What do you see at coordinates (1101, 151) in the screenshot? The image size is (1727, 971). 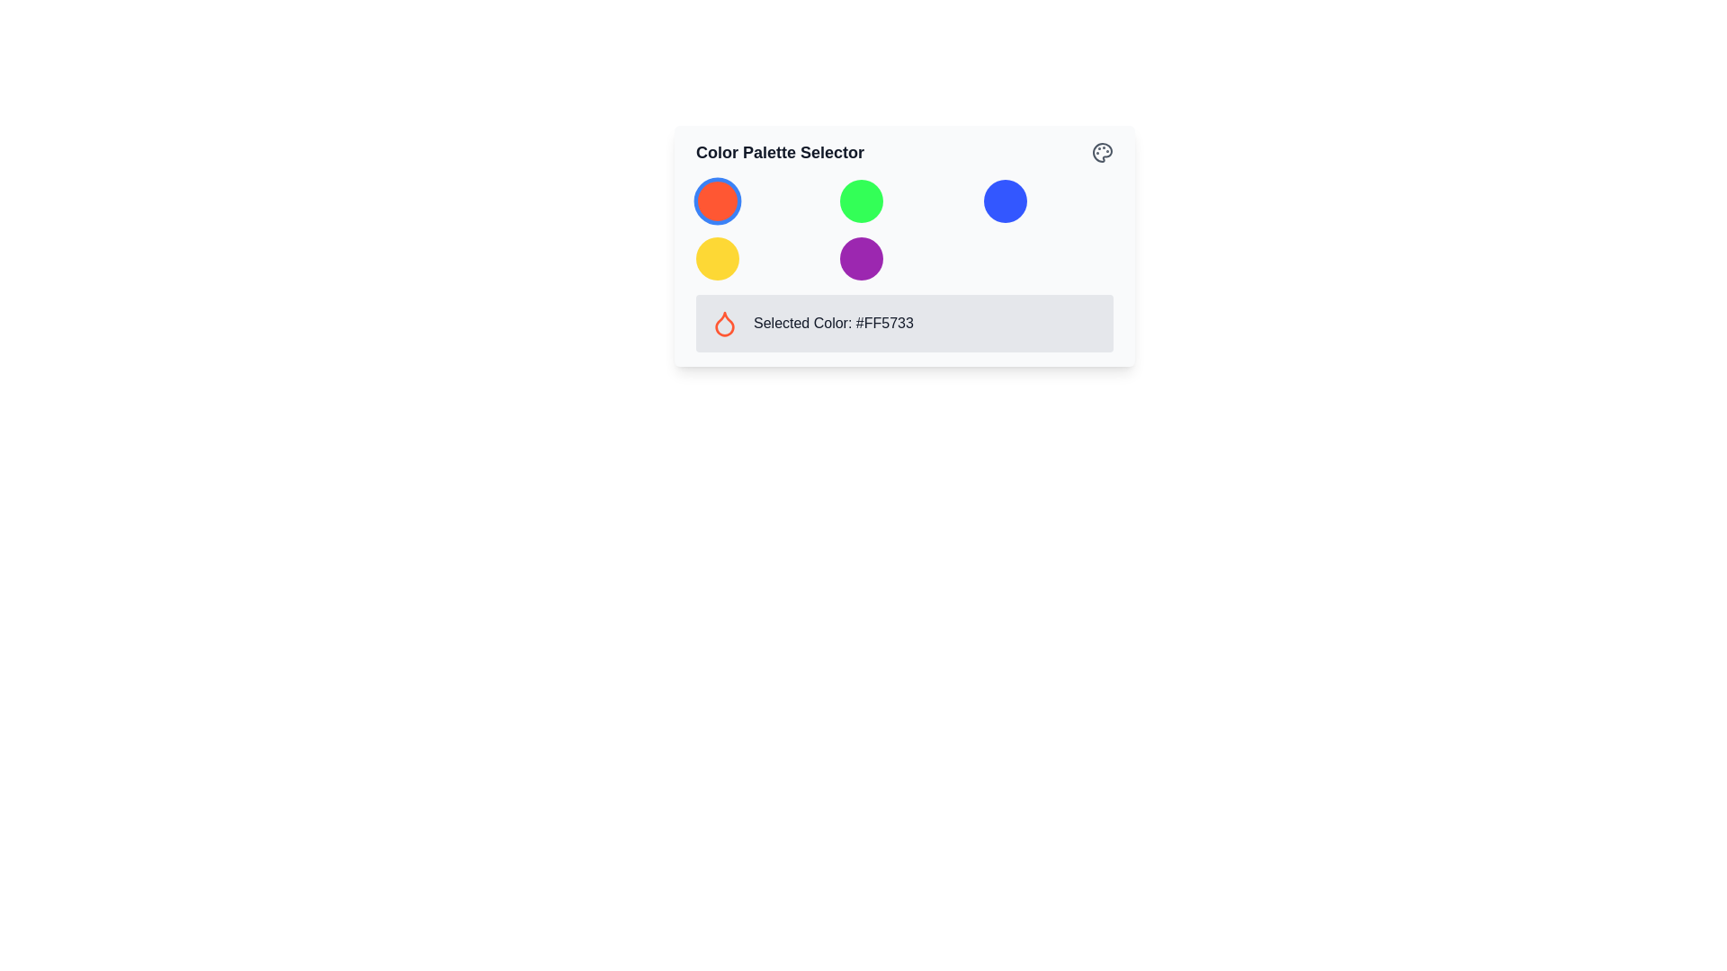 I see `the gray icon resembling a palette located in the top-right corner of the color palette interface card` at bounding box center [1101, 151].